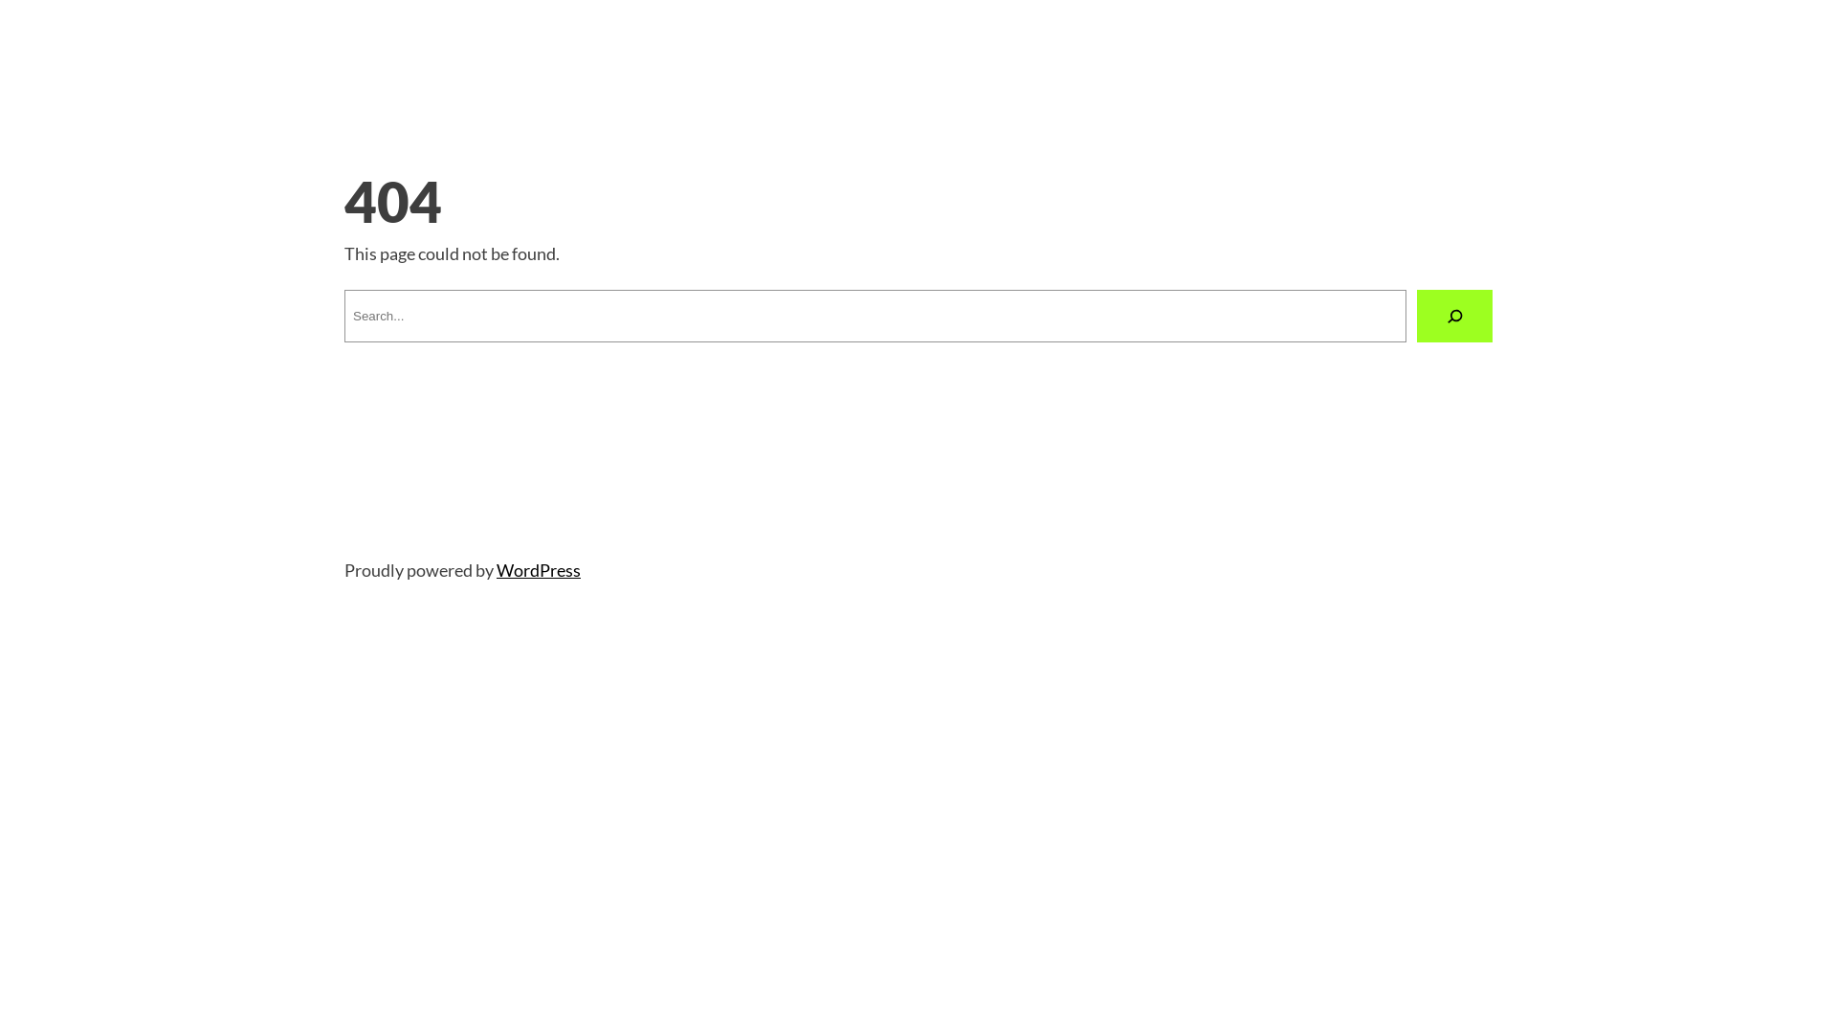 The height and width of the screenshot is (1033, 1837). I want to click on 'WordPress', so click(537, 569).